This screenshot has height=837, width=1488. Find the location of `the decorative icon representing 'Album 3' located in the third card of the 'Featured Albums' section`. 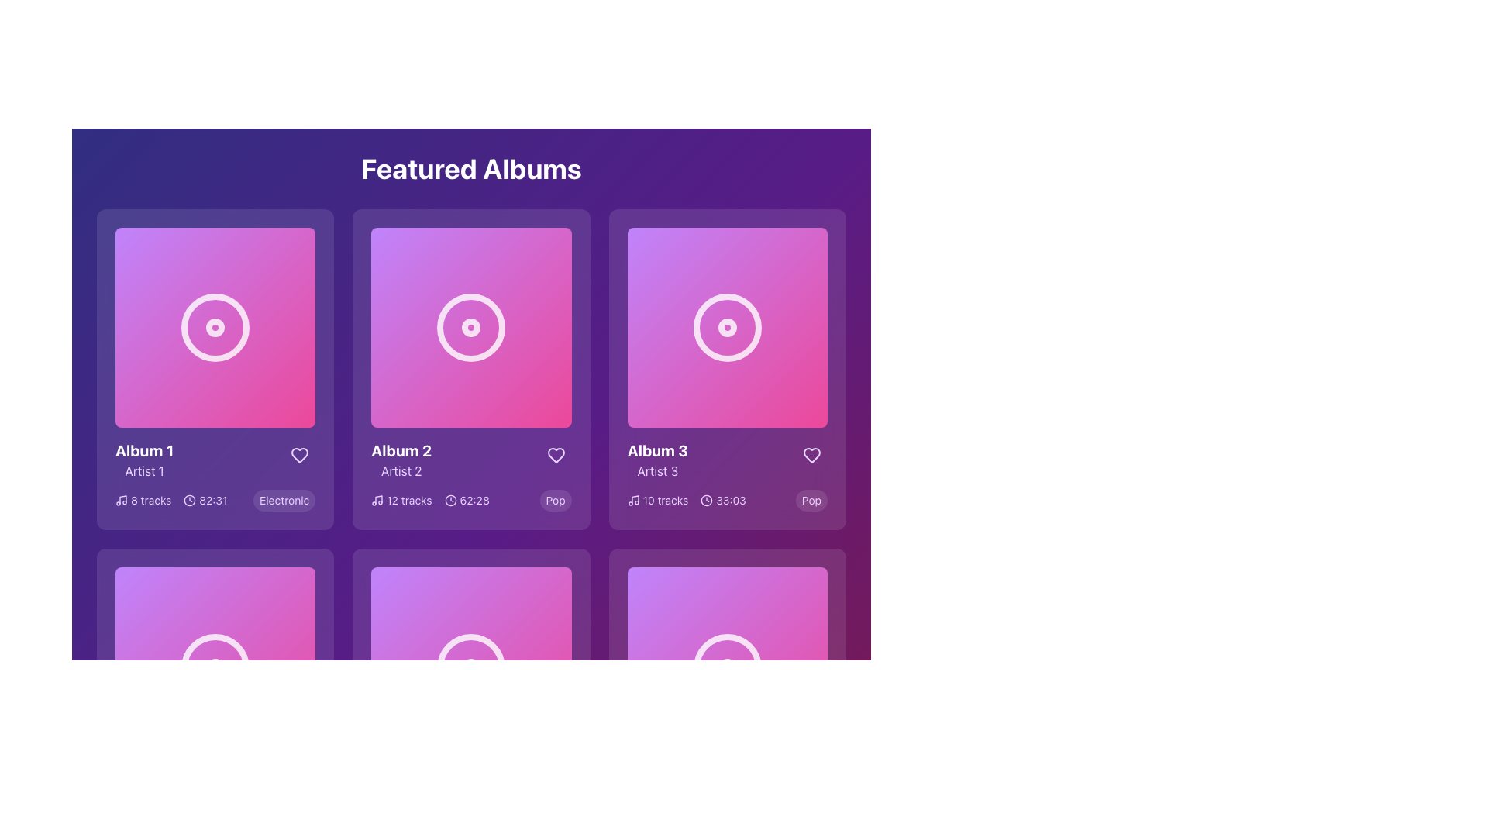

the decorative icon representing 'Album 3' located in the third card of the 'Featured Albums' section is located at coordinates (726, 327).